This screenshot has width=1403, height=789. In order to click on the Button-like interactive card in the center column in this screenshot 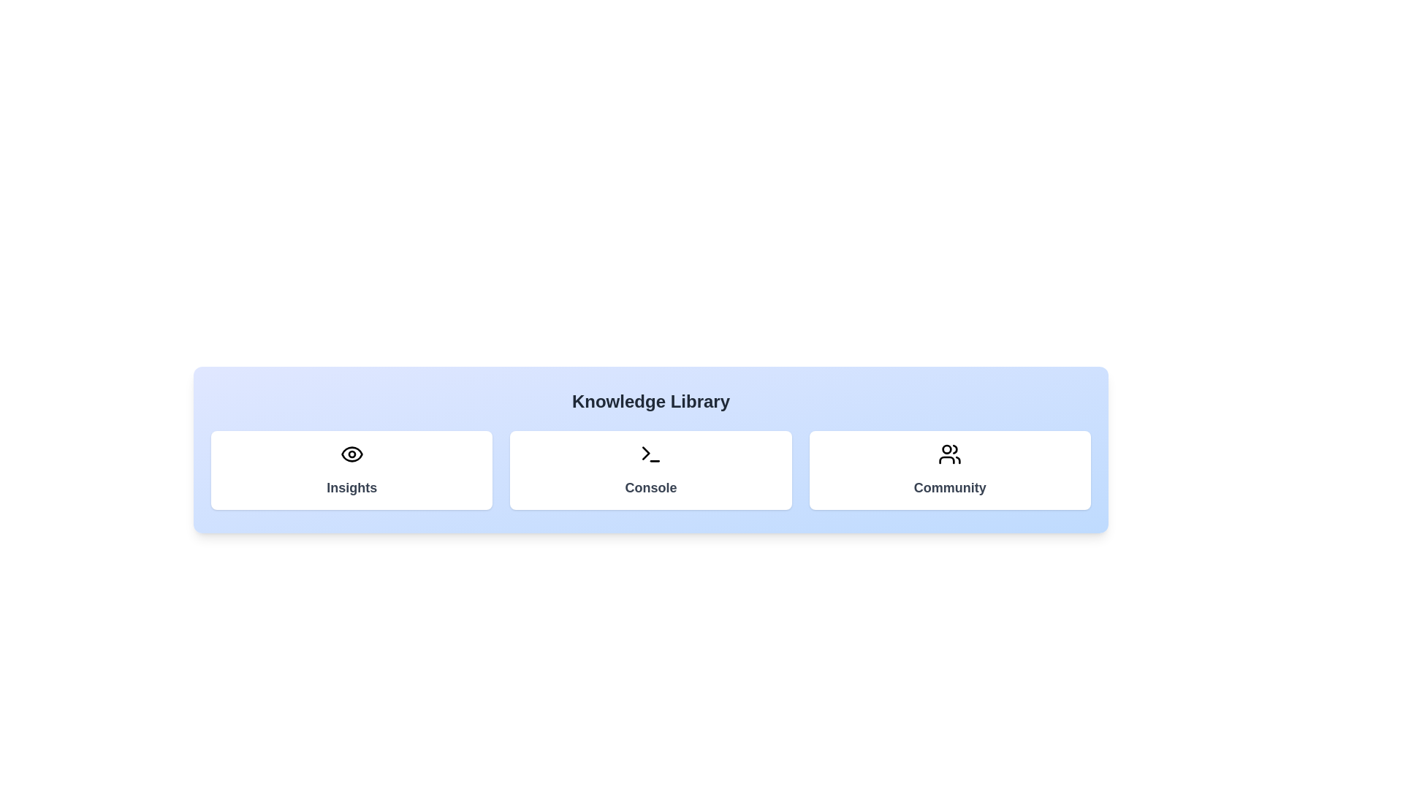, I will do `click(650, 470)`.